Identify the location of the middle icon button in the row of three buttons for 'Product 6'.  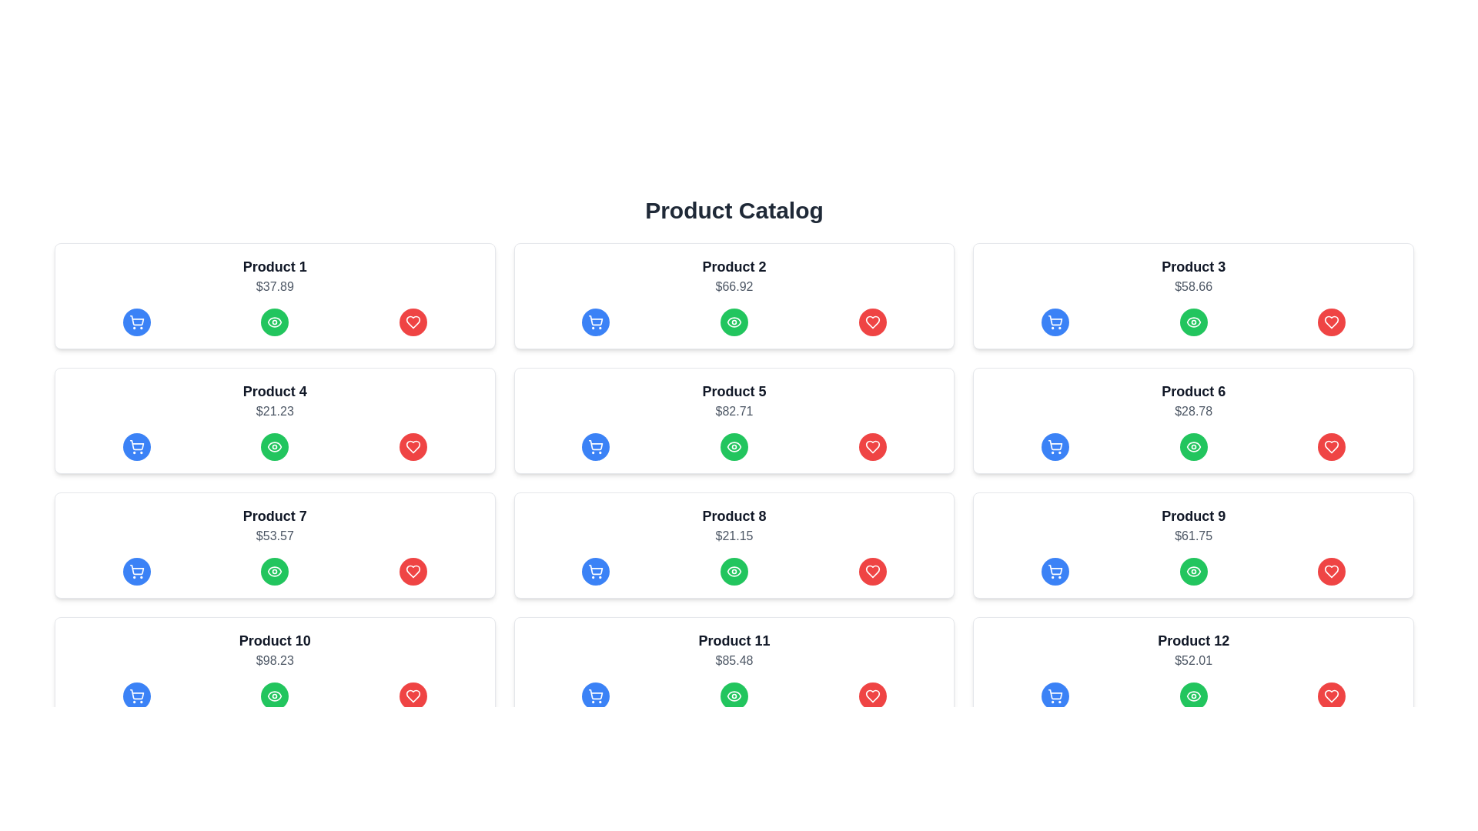
(1192, 447).